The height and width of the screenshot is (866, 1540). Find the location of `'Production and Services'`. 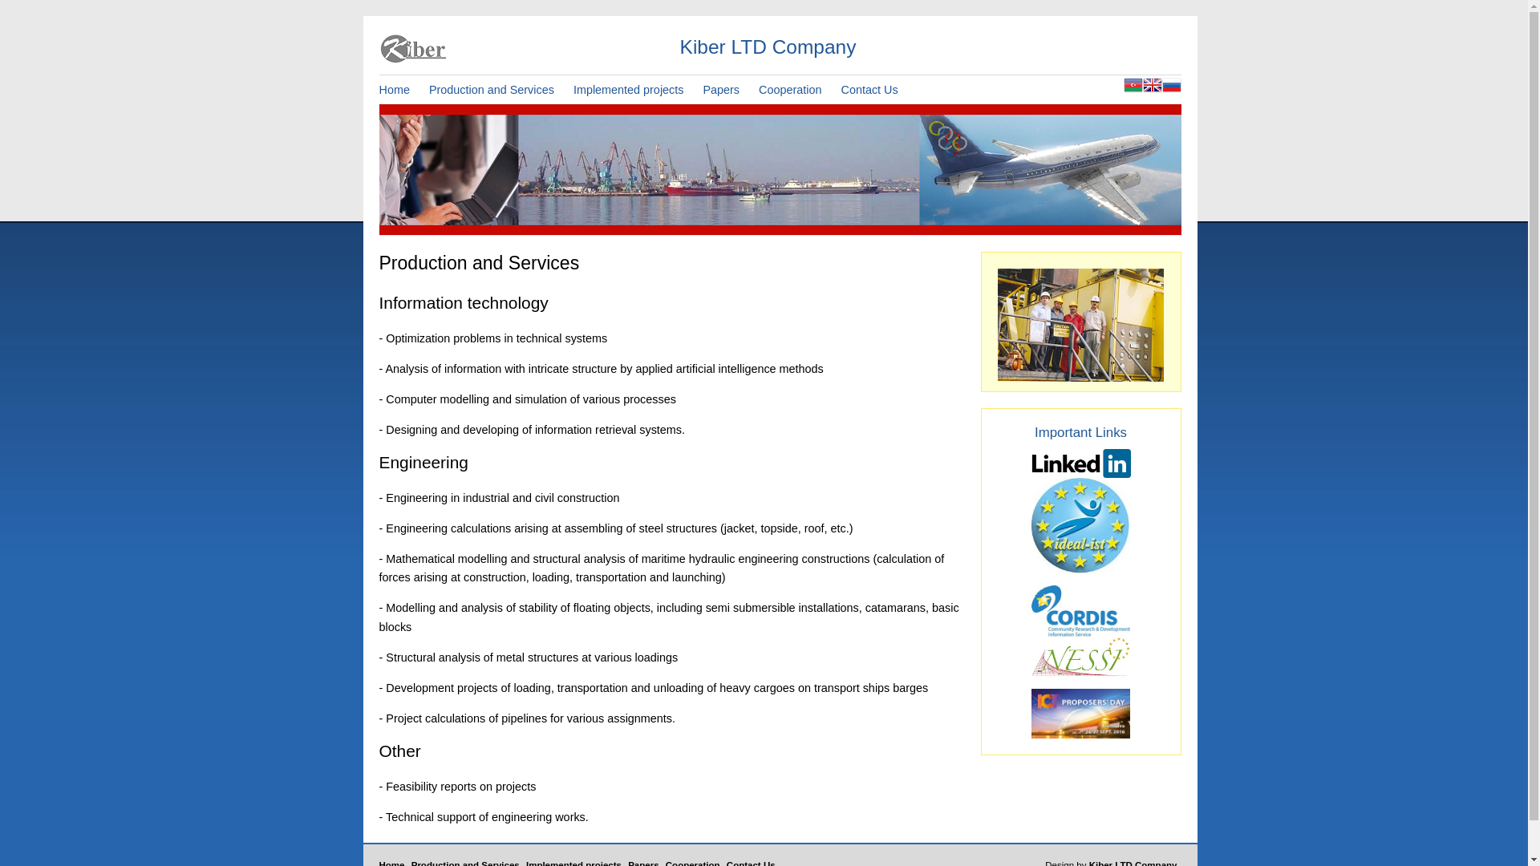

'Production and Services' is located at coordinates (499, 89).